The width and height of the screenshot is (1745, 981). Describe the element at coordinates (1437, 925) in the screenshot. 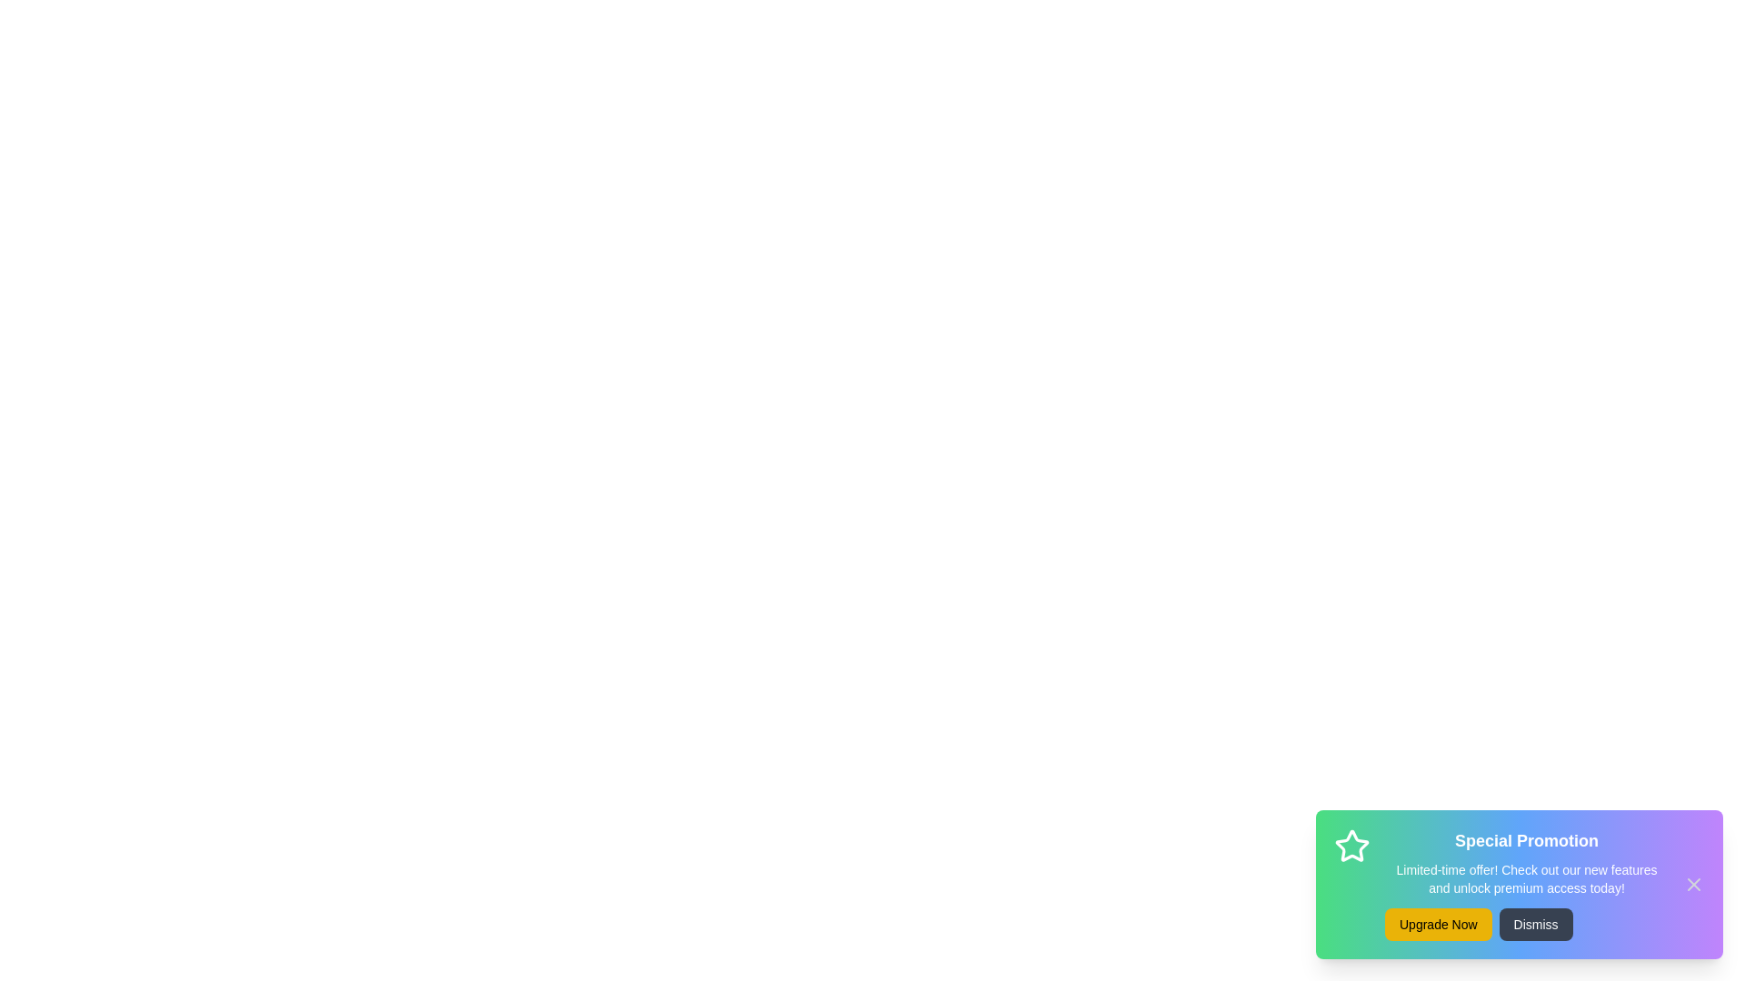

I see `'Upgrade Now' button to trigger the premium upgrade action` at that location.